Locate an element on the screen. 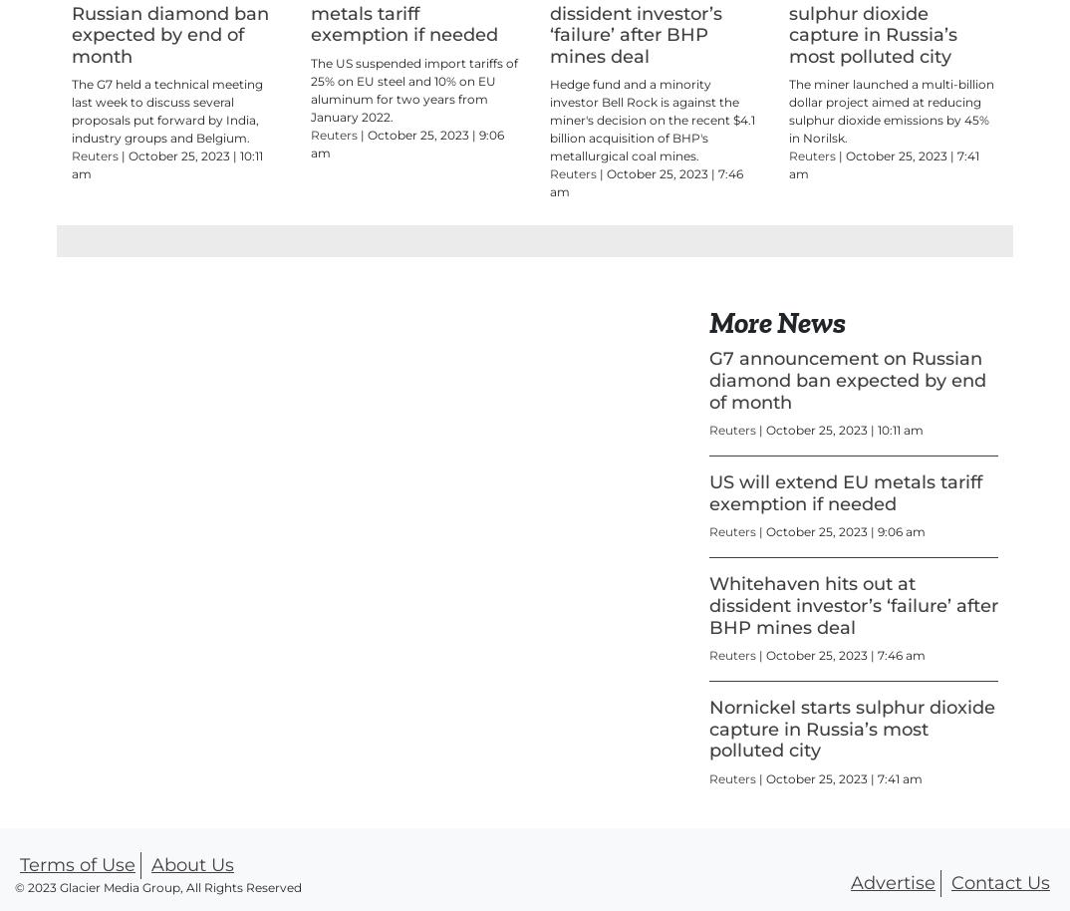  'Contact Us' is located at coordinates (999, 882).